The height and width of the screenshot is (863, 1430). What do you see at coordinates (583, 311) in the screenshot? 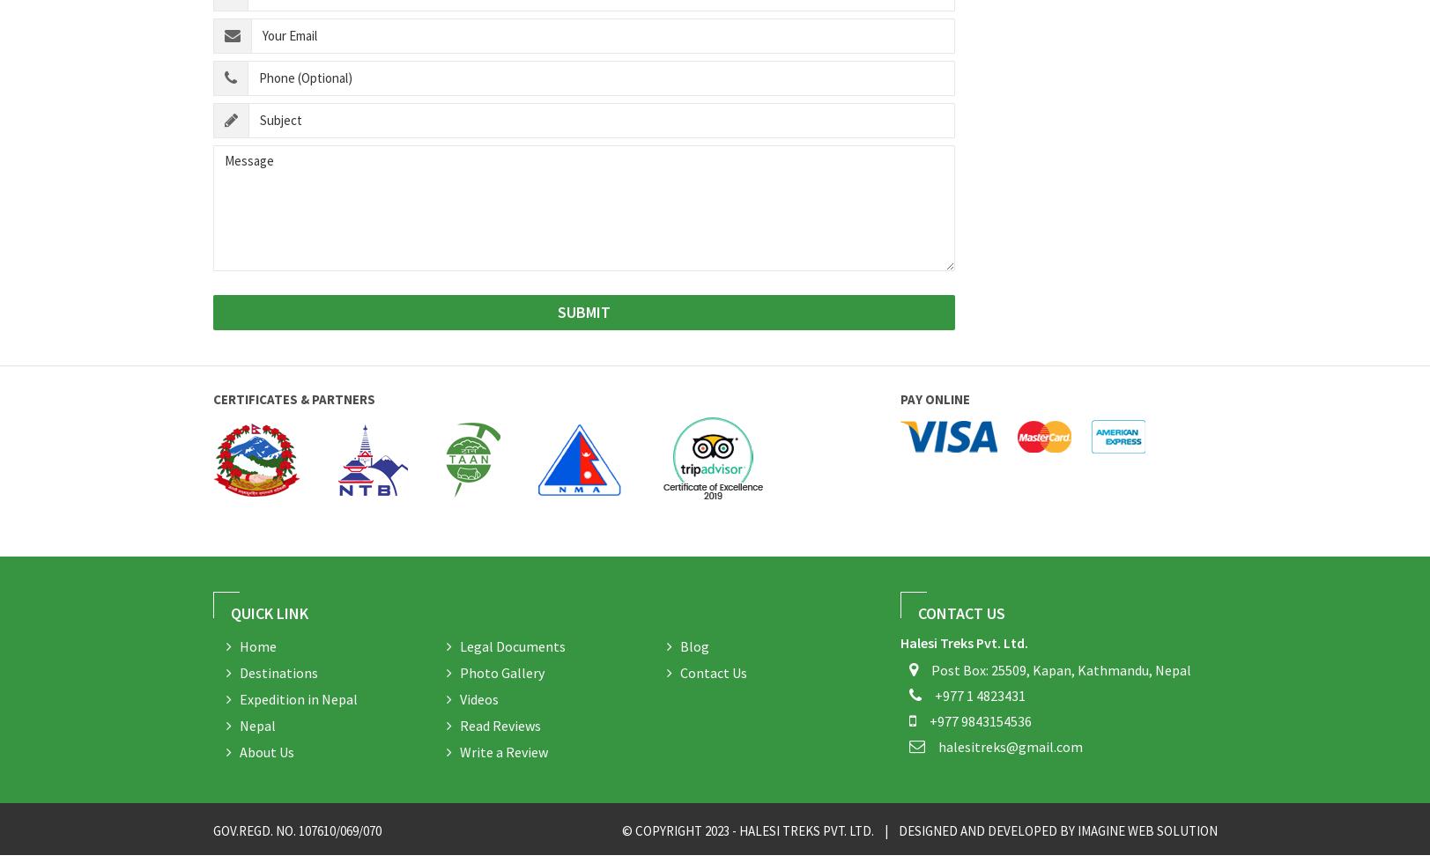
I see `'SUBMIT'` at bounding box center [583, 311].